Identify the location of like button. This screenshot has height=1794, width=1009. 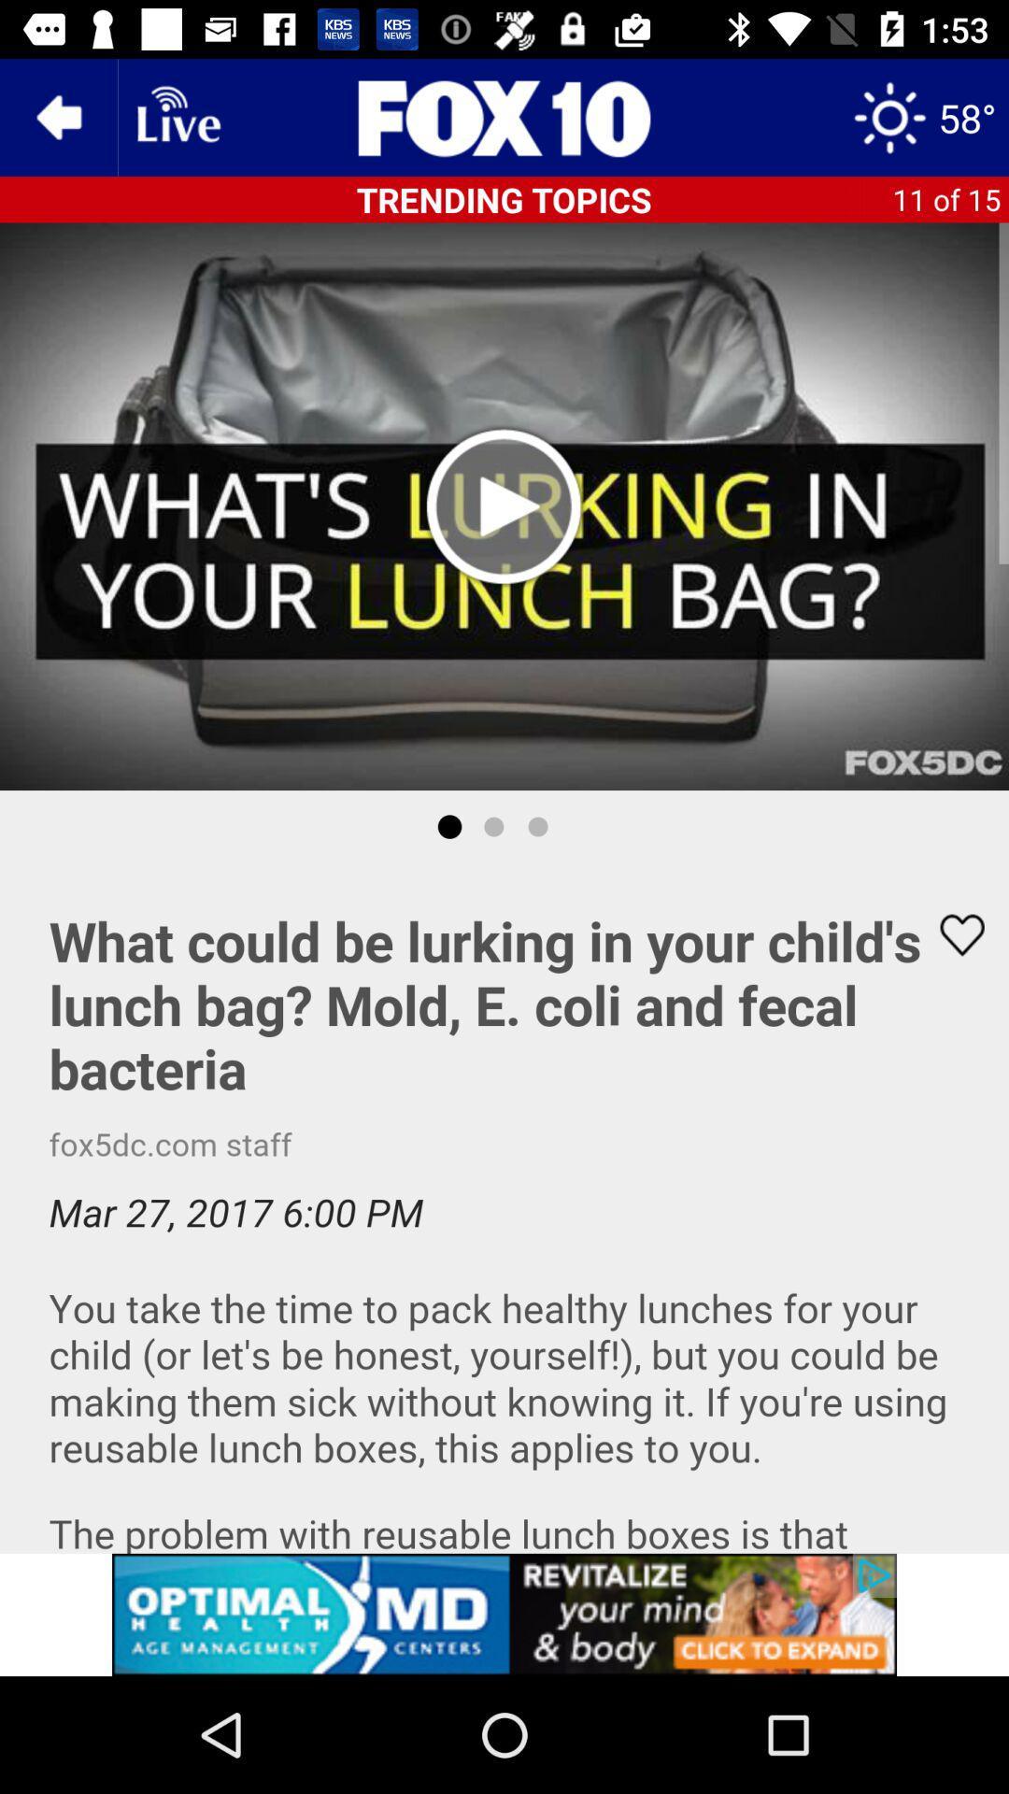
(950, 934).